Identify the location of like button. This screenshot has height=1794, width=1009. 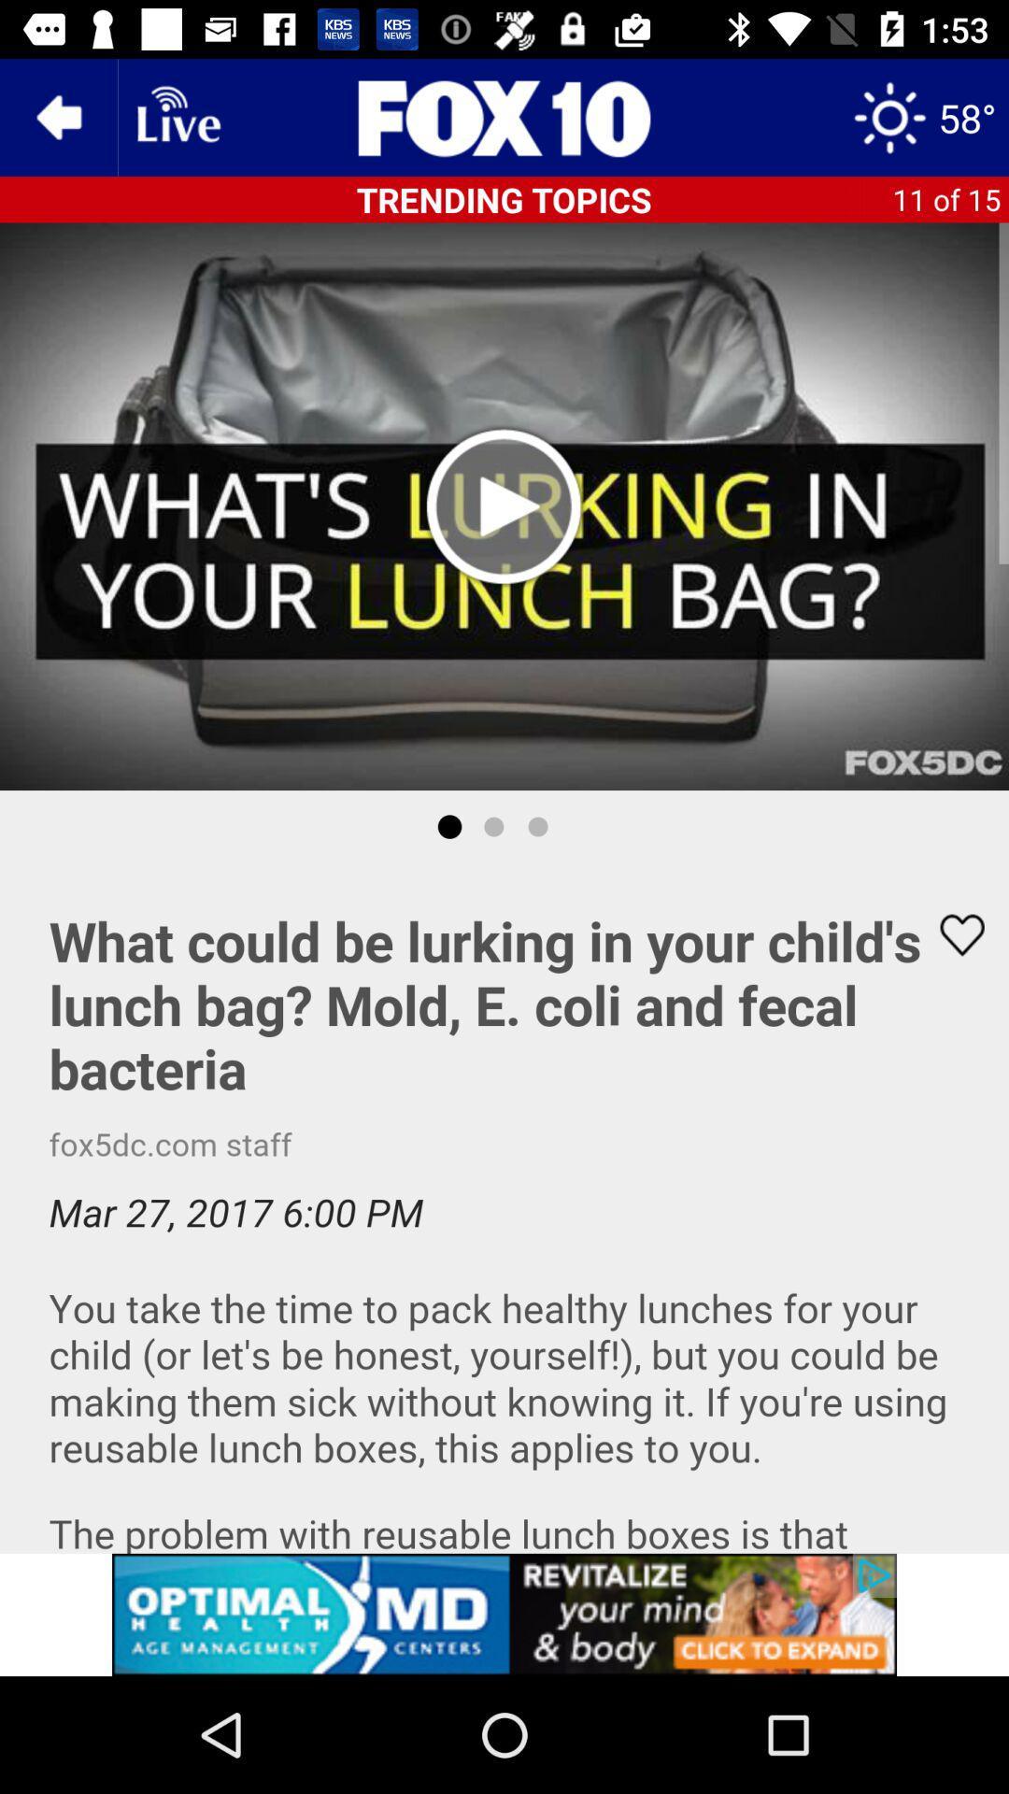
(950, 934).